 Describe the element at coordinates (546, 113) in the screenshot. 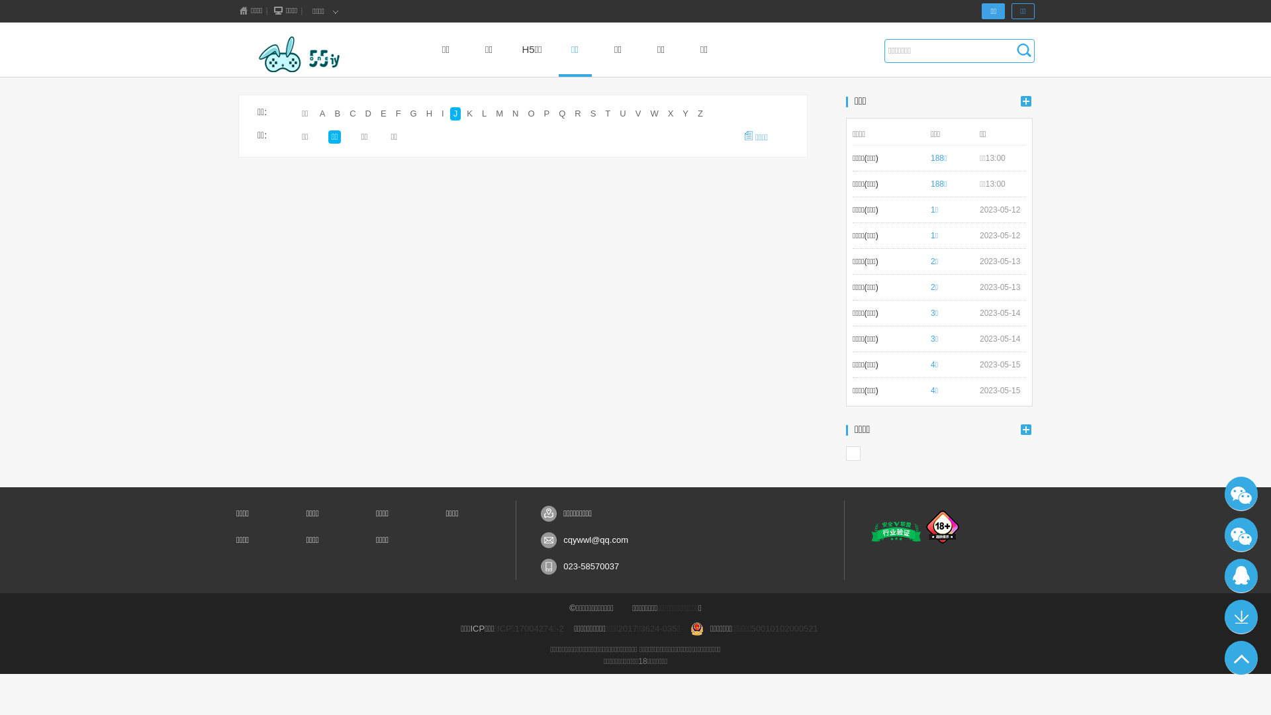

I see `'P'` at that location.